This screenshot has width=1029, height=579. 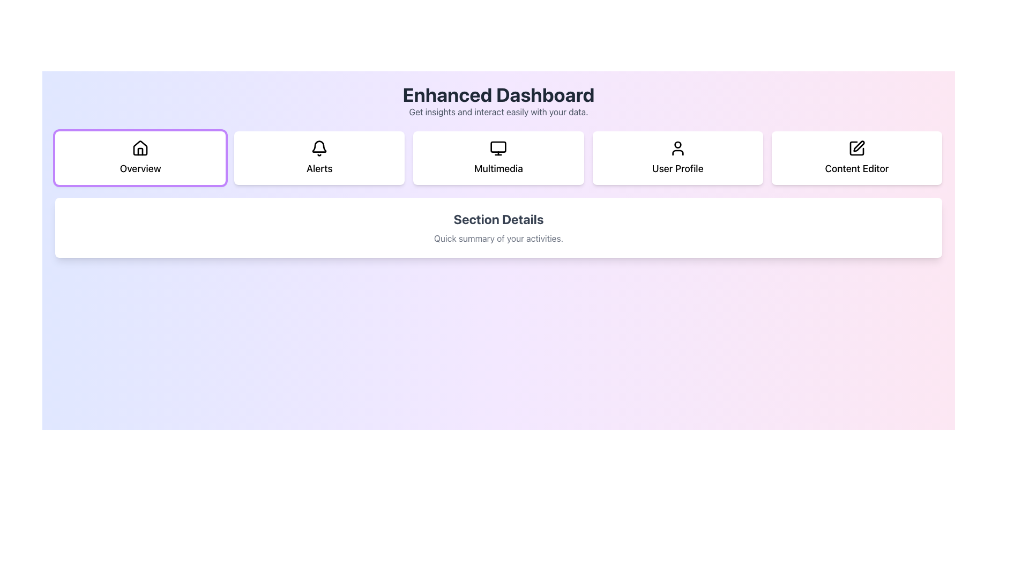 I want to click on the 'Content Editor' text label, so click(x=856, y=169).